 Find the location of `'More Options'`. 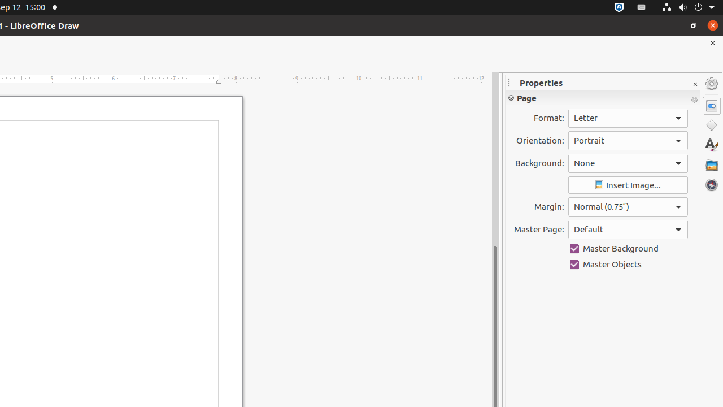

'More Options' is located at coordinates (694, 99).